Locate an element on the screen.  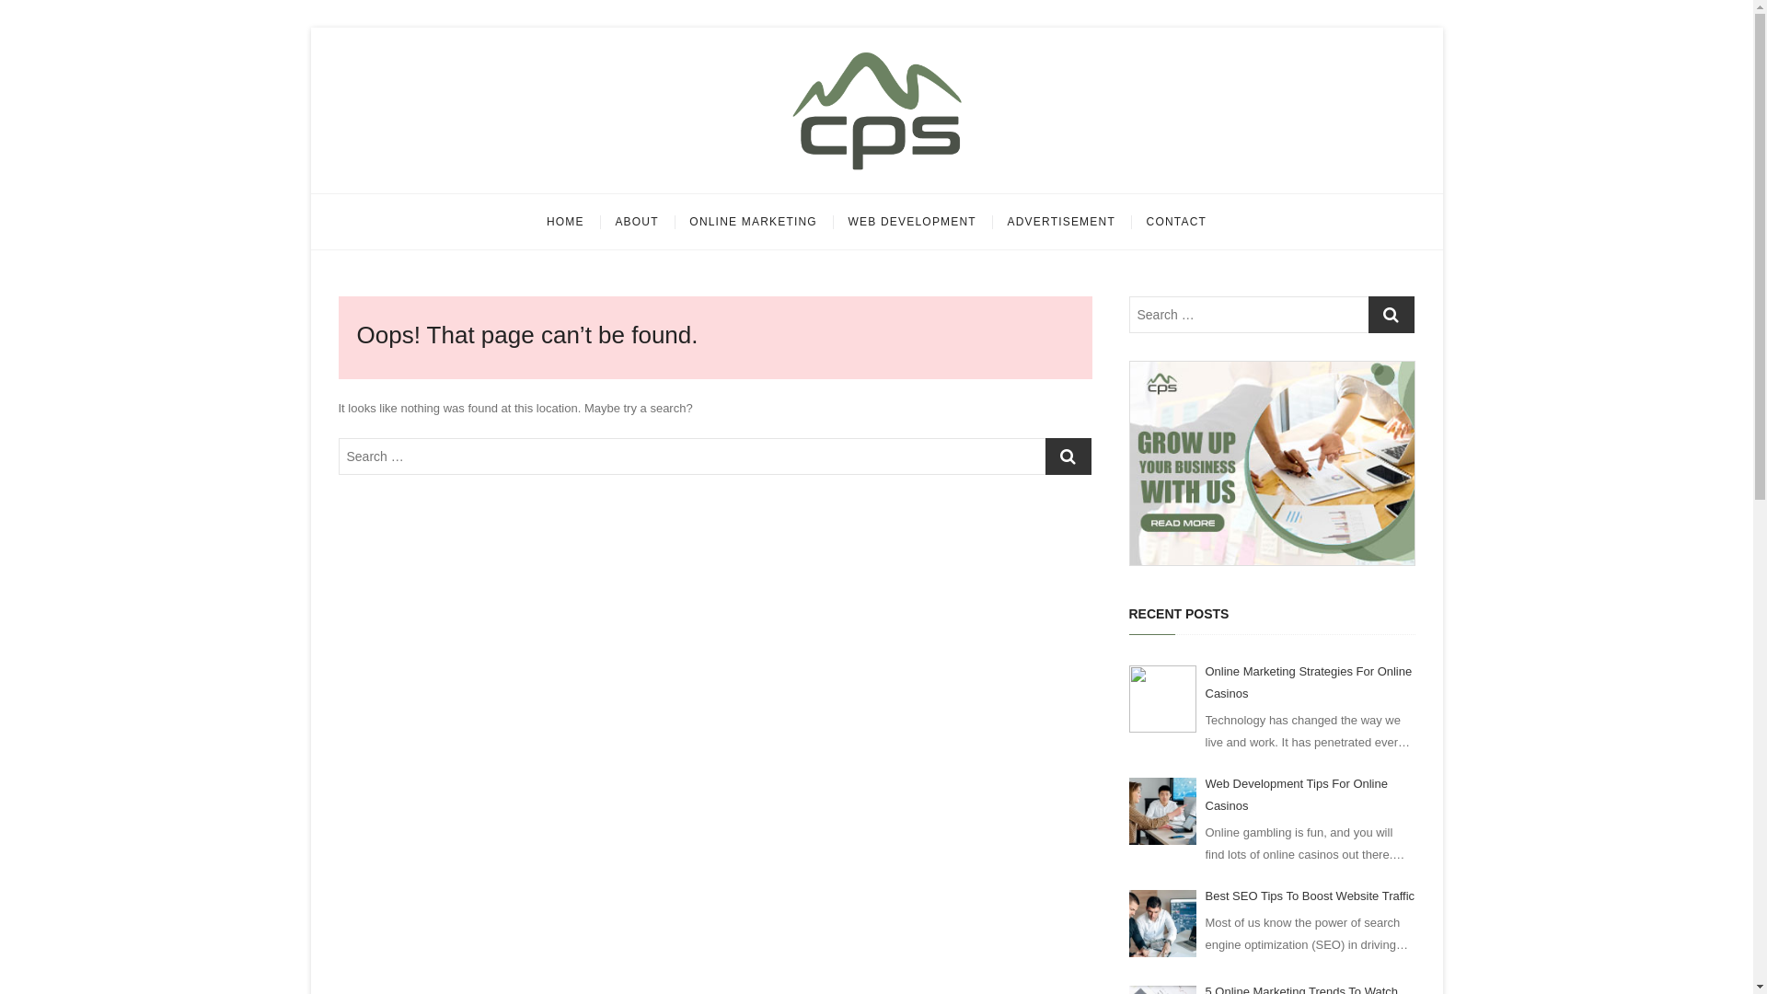
'HOME' is located at coordinates (532, 220).